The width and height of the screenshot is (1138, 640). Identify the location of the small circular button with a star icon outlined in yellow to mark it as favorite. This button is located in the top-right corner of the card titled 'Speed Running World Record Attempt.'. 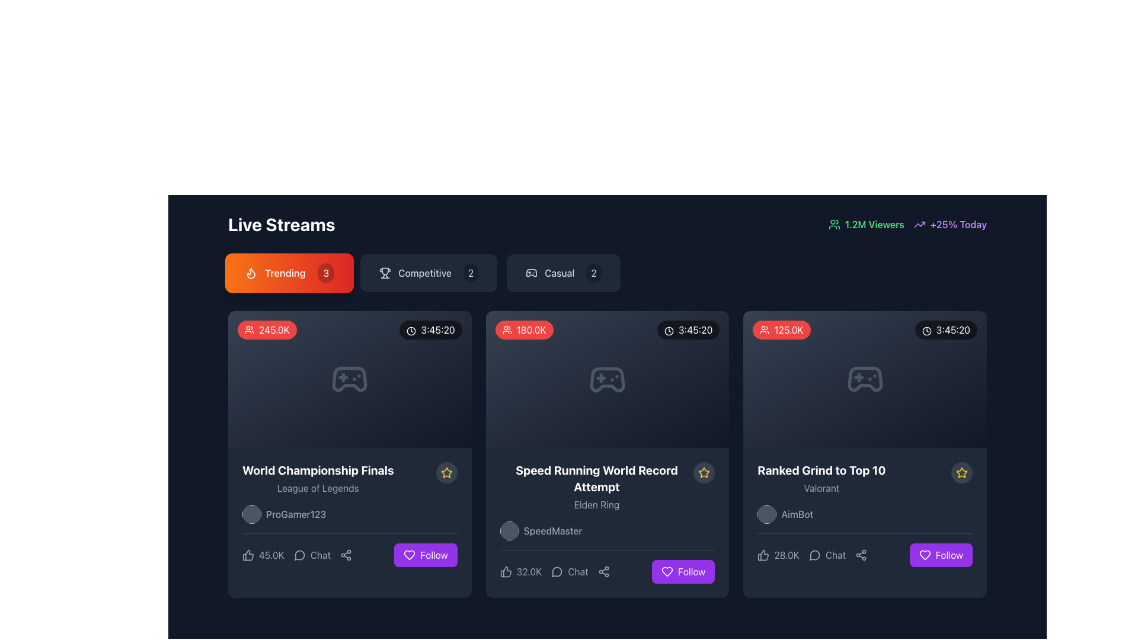
(704, 472).